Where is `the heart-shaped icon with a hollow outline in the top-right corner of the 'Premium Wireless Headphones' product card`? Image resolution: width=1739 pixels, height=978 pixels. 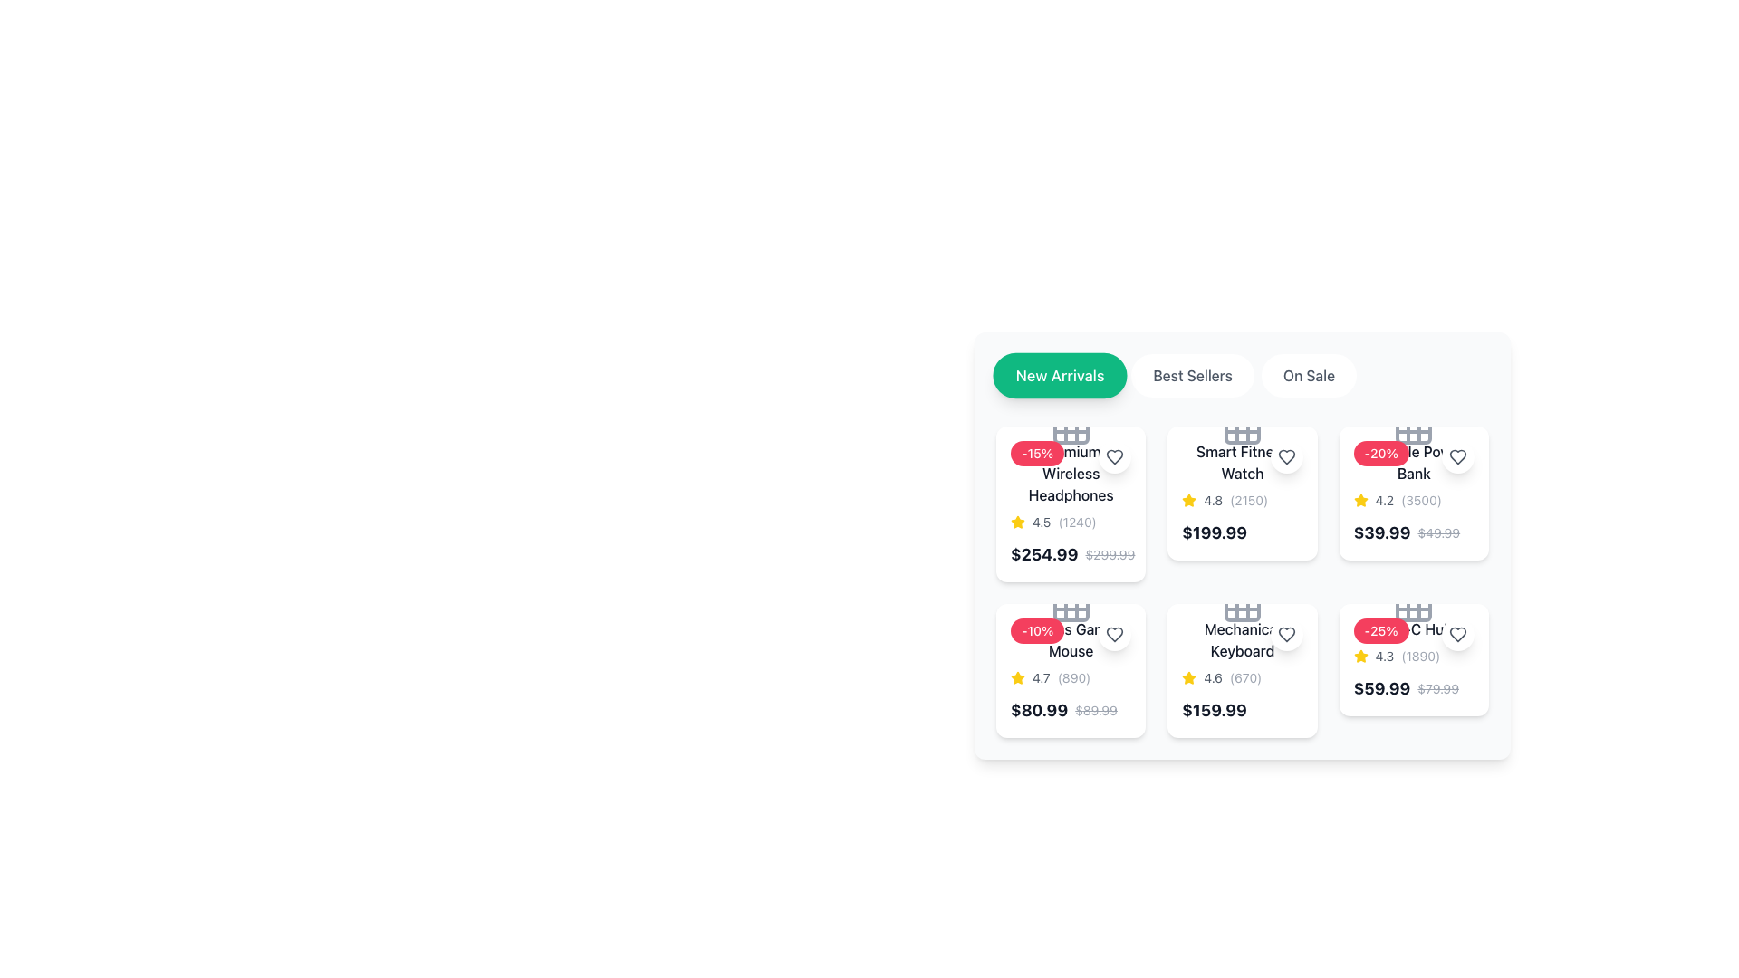
the heart-shaped icon with a hollow outline in the top-right corner of the 'Premium Wireless Headphones' product card is located at coordinates (1114, 634).